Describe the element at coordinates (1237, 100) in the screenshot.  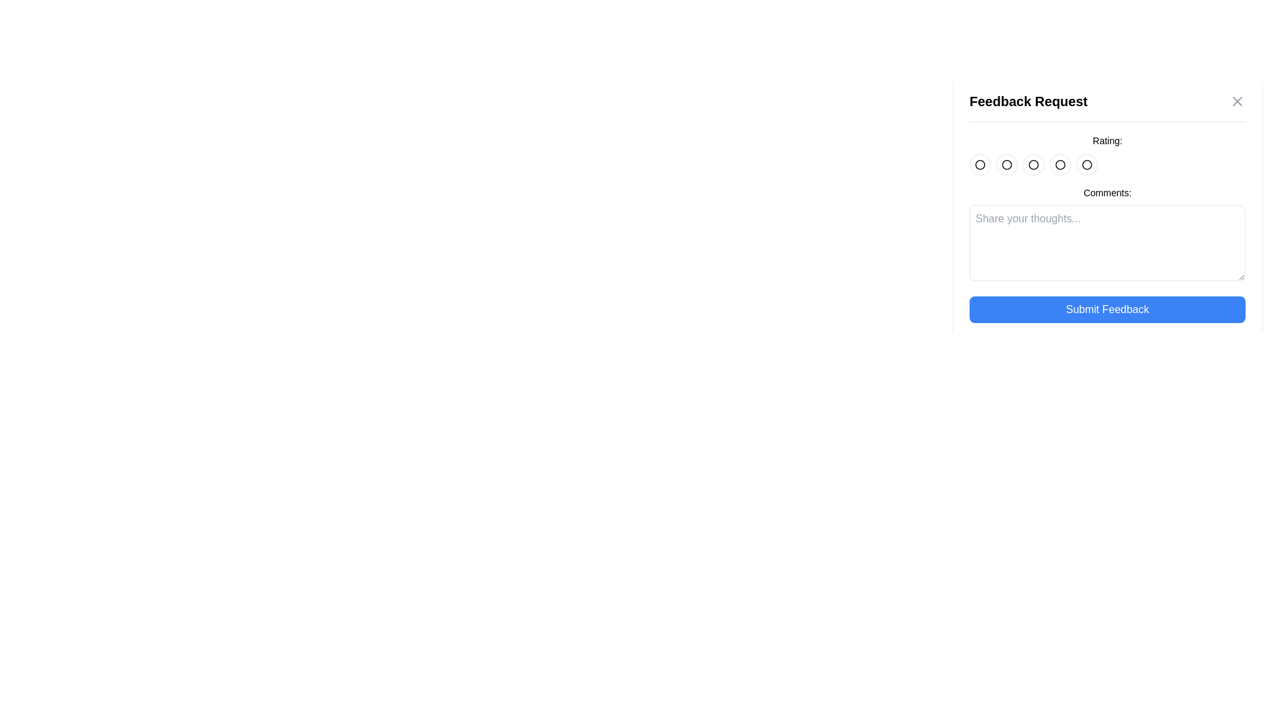
I see `the graphical cross icon representing the dismiss or close action` at that location.